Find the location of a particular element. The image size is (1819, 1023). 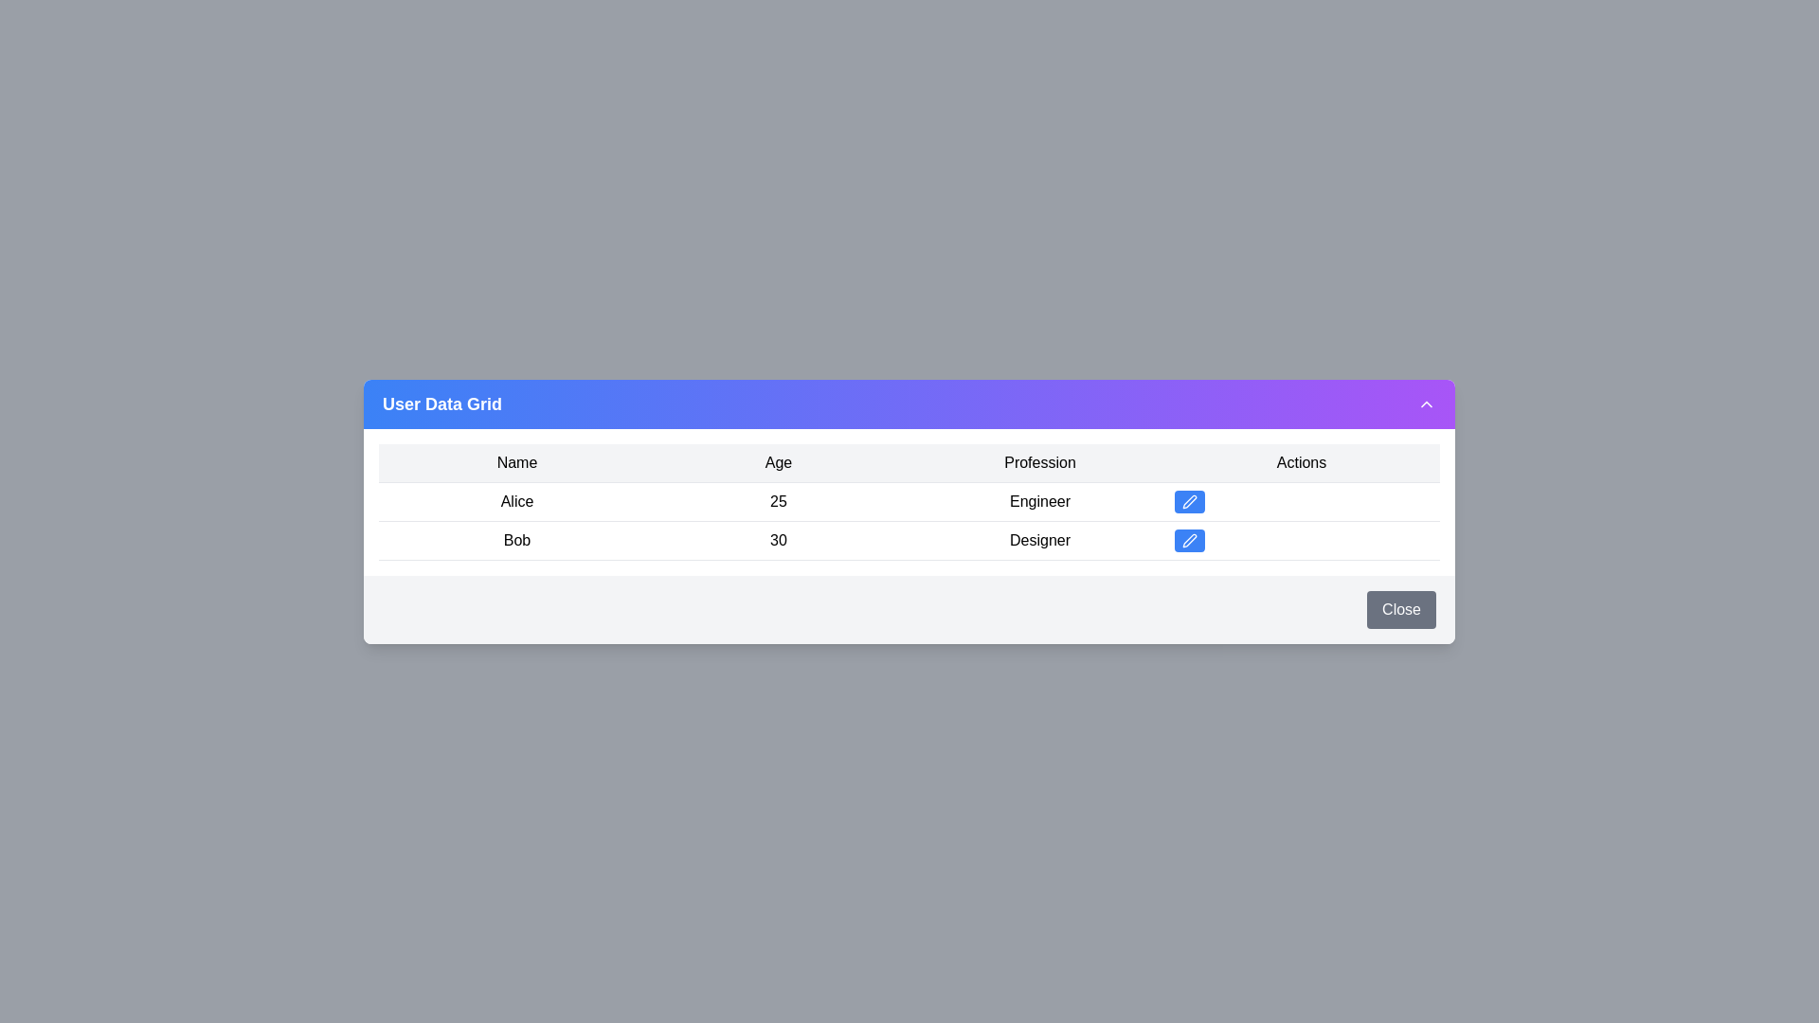

text displayed in the text label showing 'Designer' in bold black typography, located in the third column of the second row corresponding to user 'Bob, 30.' is located at coordinates (1039, 540).